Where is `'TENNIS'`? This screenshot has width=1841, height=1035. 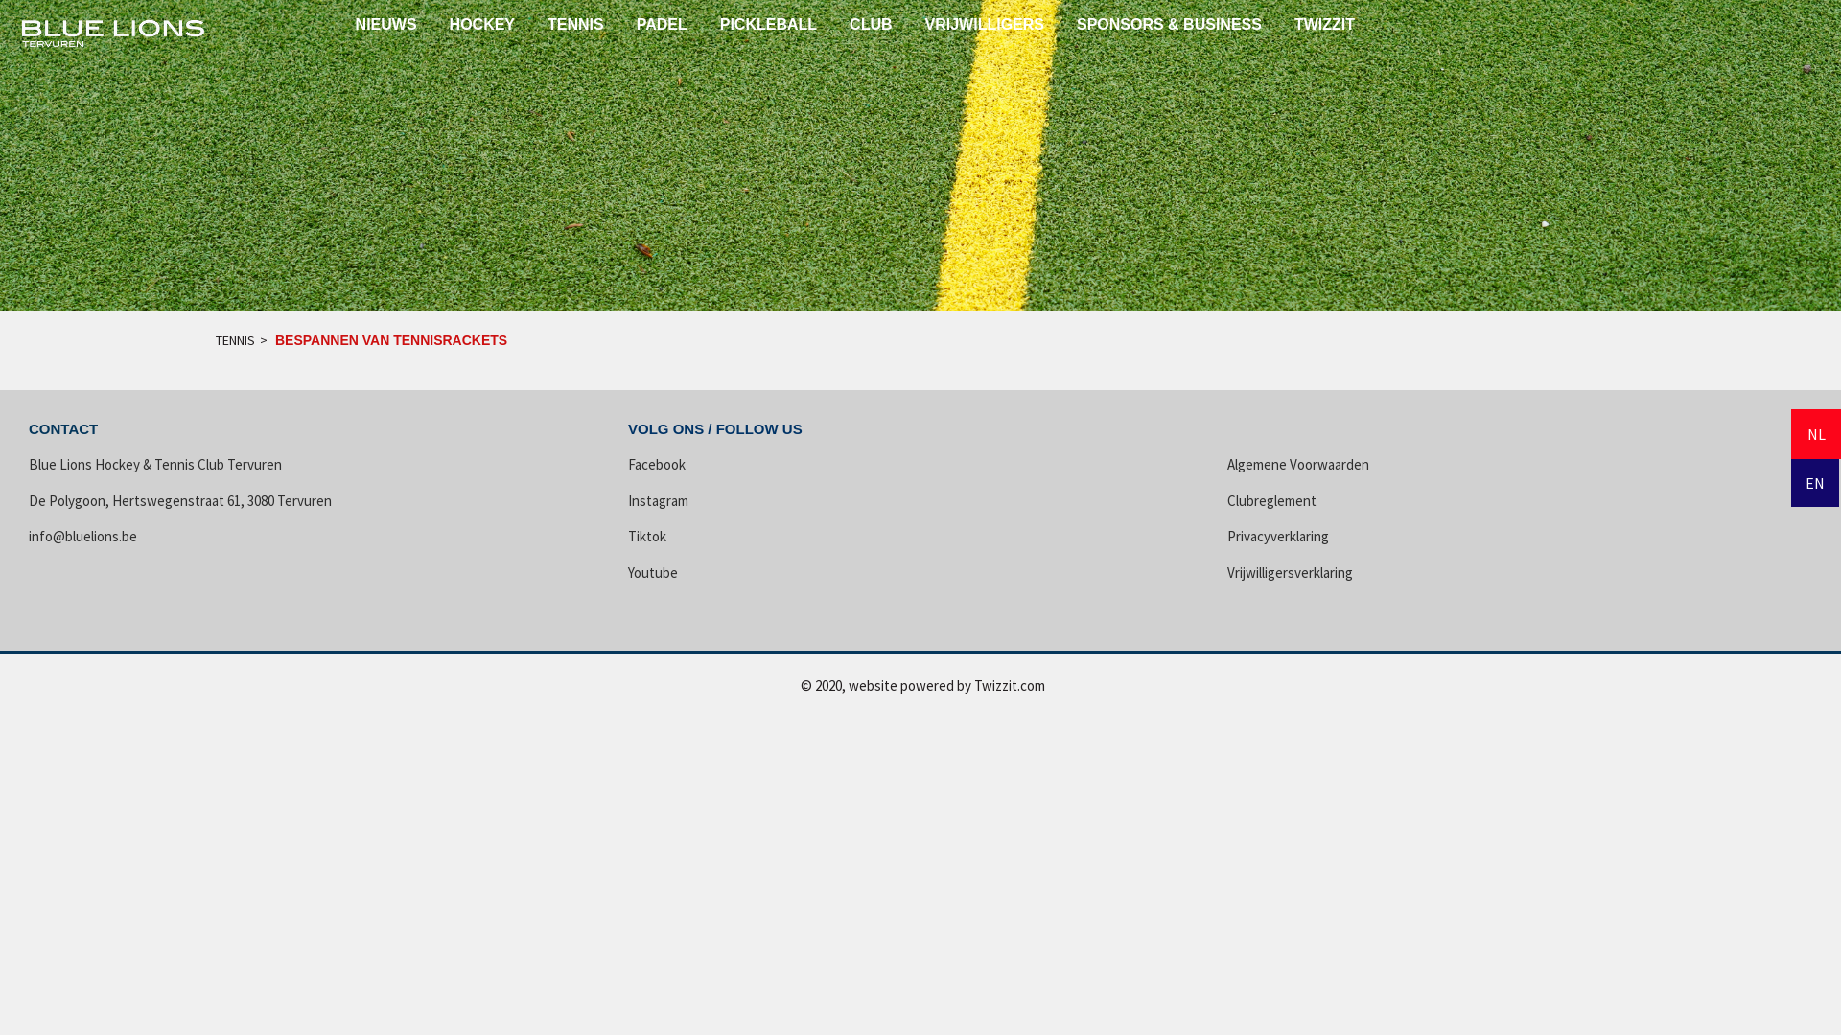 'TENNIS' is located at coordinates (234, 339).